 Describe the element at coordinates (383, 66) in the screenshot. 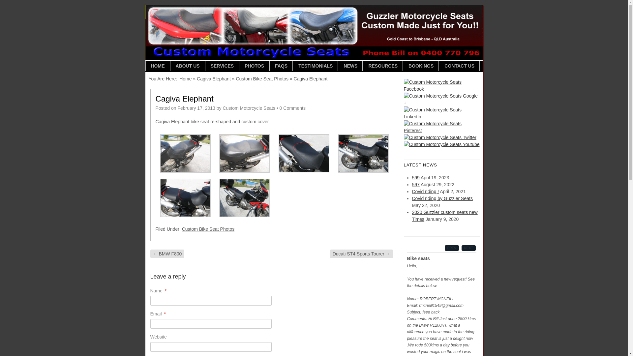

I see `'RESOURCES'` at that location.